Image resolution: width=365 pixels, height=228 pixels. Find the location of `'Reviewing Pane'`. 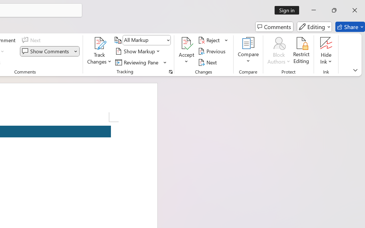

'Reviewing Pane' is located at coordinates (138, 62).